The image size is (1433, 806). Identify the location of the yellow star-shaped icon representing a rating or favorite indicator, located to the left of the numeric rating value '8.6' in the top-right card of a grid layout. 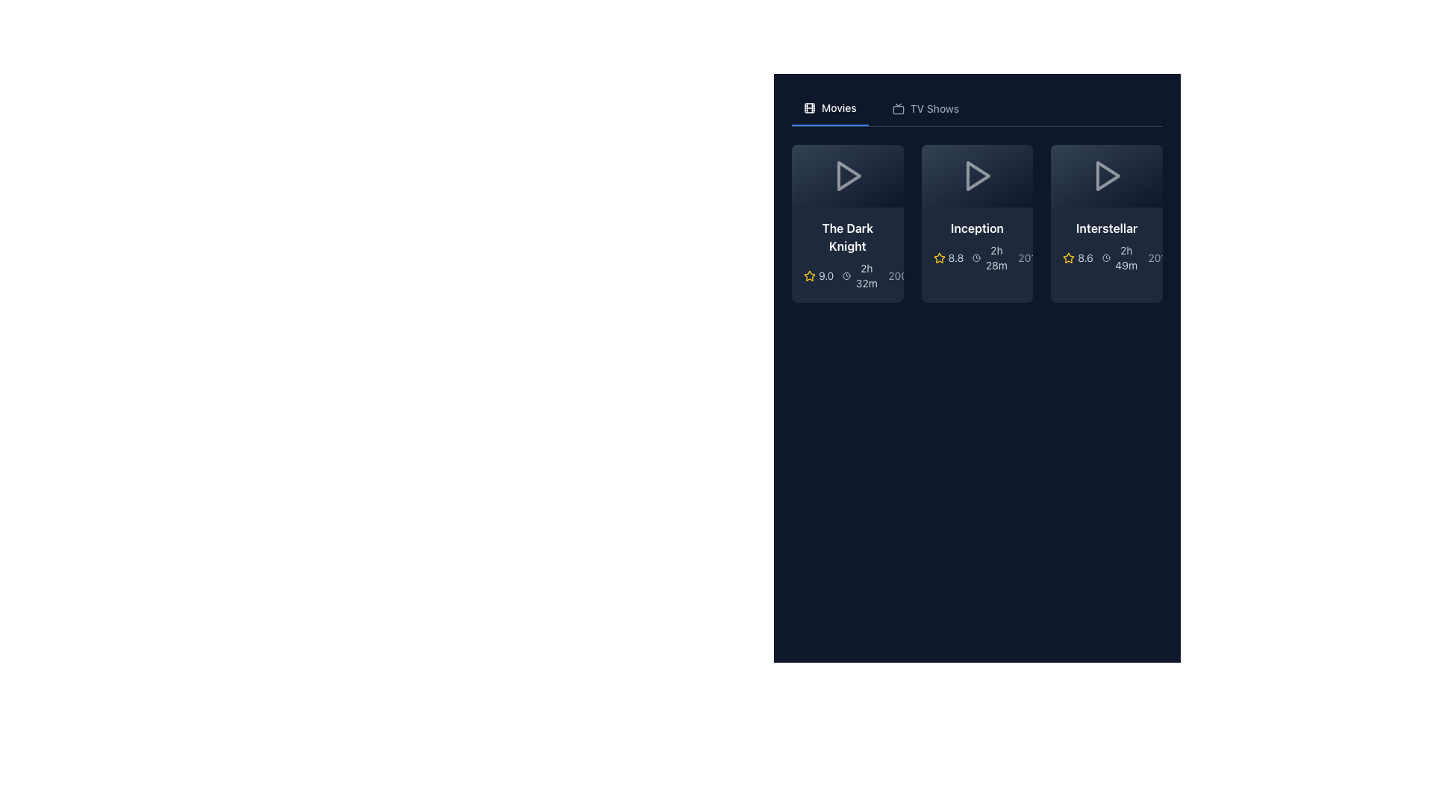
(1068, 257).